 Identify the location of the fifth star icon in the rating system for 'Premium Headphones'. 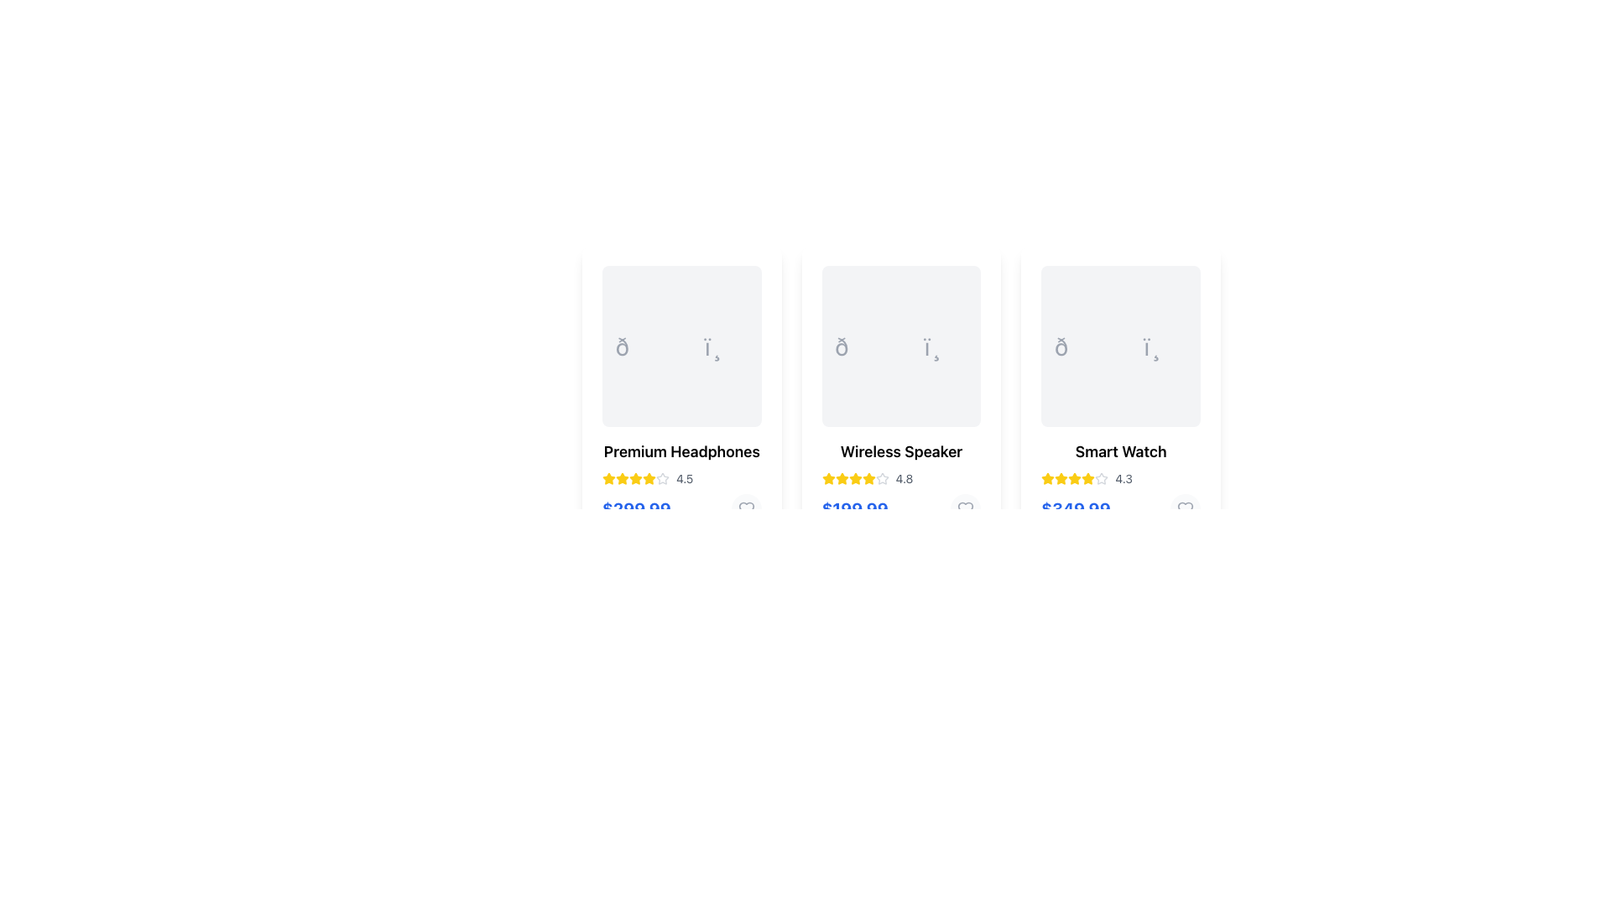
(607, 478).